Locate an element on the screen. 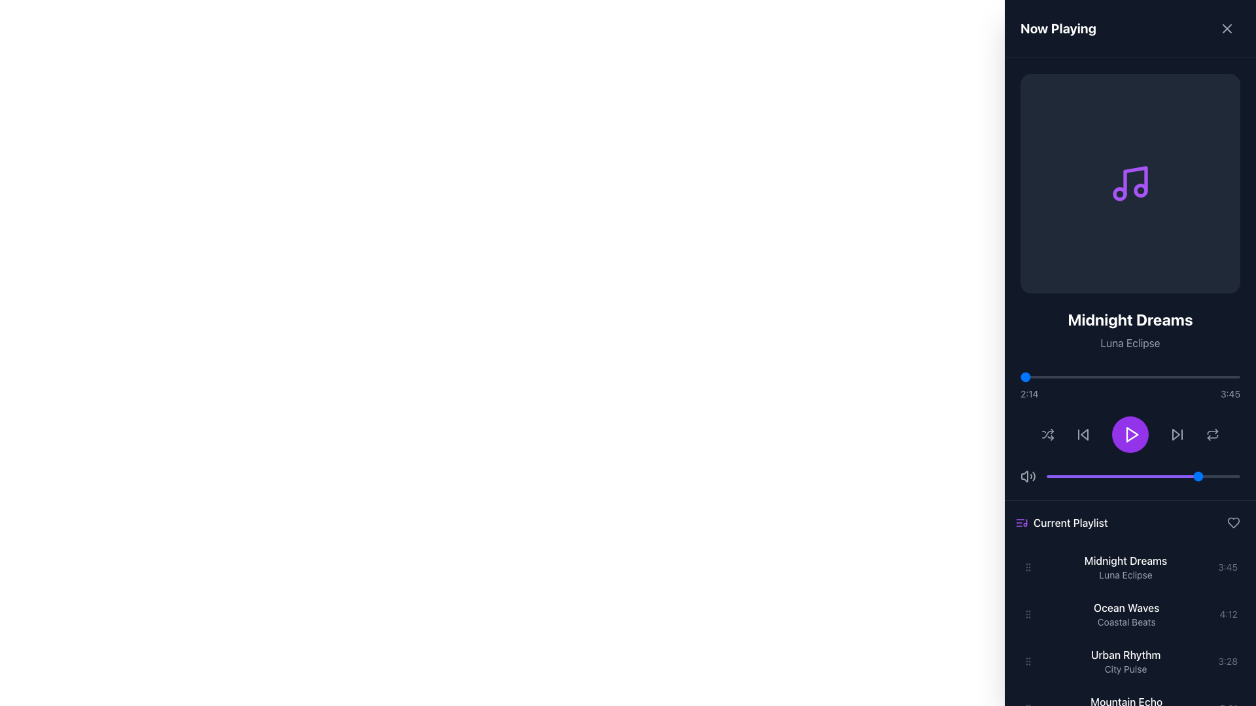  the slider value is located at coordinates (1129, 477).